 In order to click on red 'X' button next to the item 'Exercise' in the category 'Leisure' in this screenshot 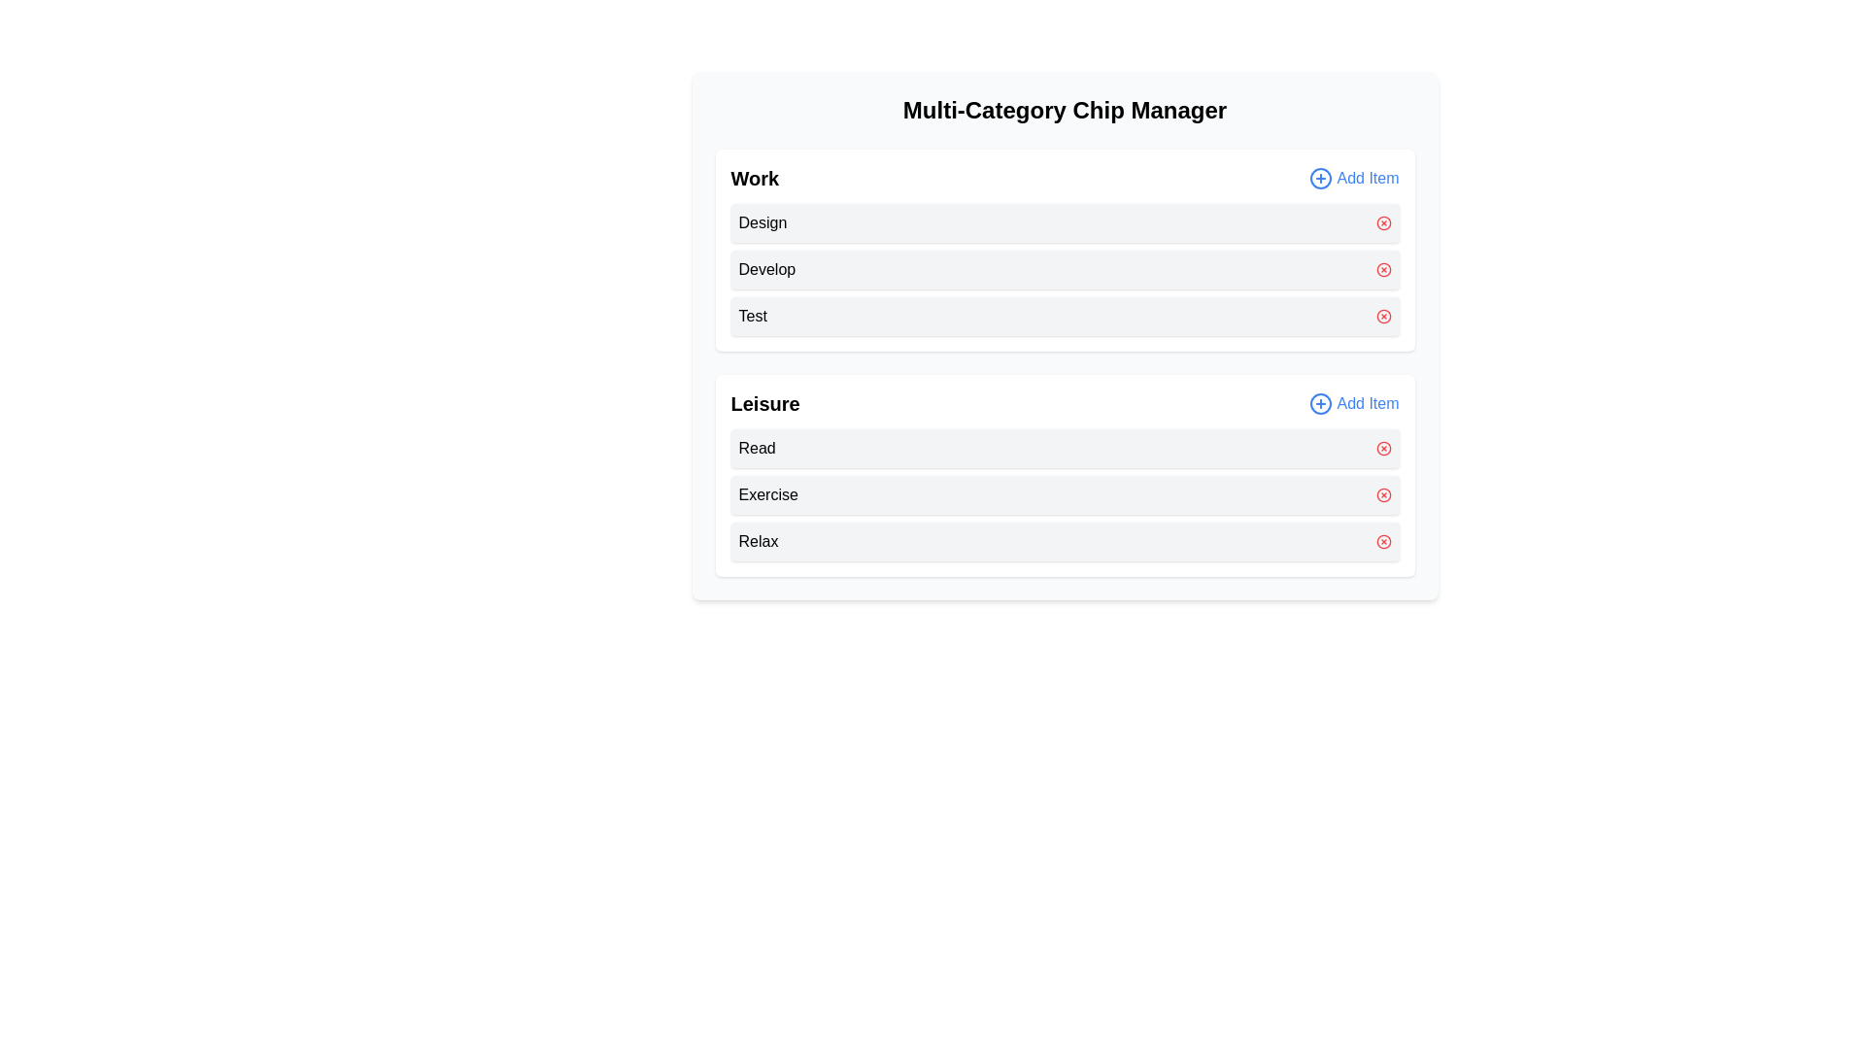, I will do `click(1382, 493)`.